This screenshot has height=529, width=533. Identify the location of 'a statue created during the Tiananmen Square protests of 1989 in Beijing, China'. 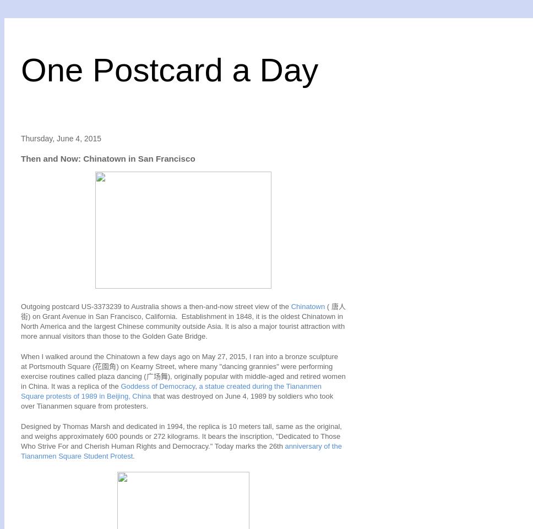
(171, 390).